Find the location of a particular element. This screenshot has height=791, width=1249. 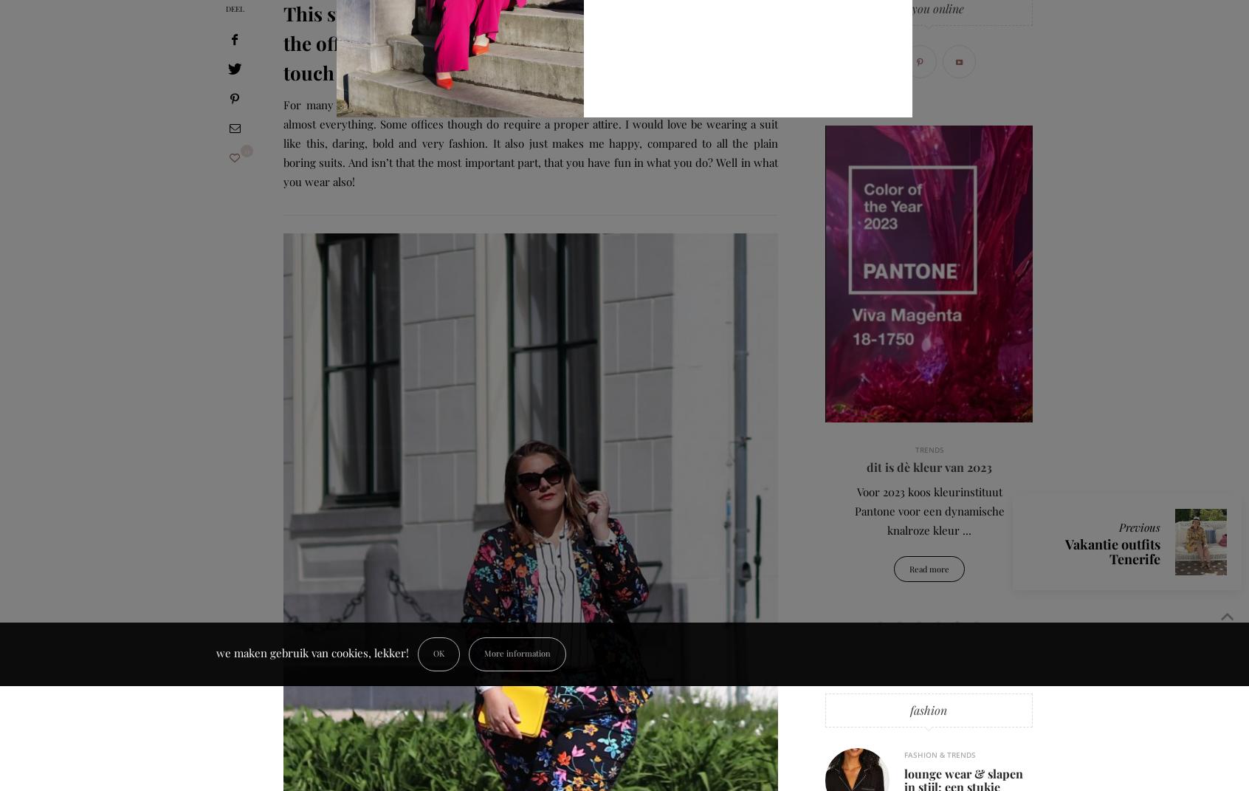

'OUTFITS' is located at coordinates (306, 449).